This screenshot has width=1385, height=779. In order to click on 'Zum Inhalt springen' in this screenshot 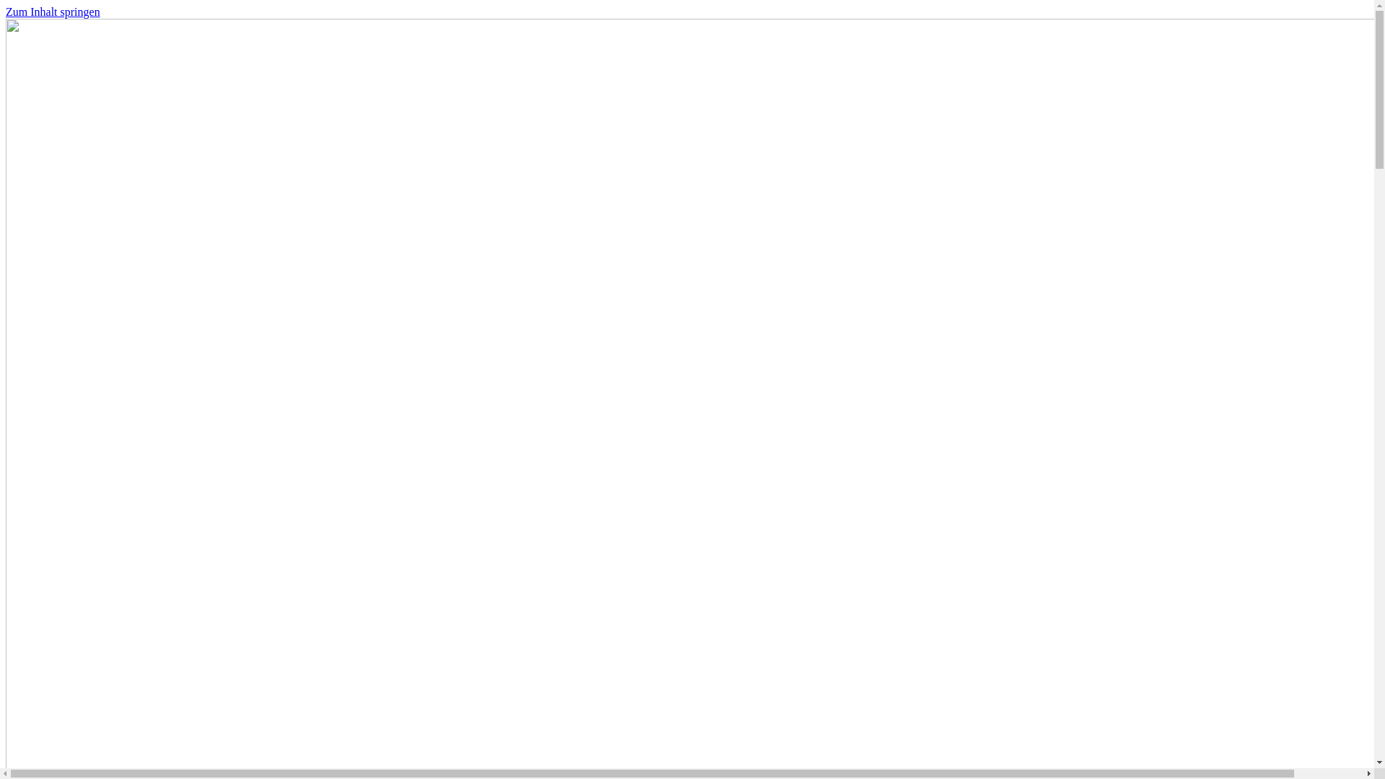, I will do `click(6, 12)`.